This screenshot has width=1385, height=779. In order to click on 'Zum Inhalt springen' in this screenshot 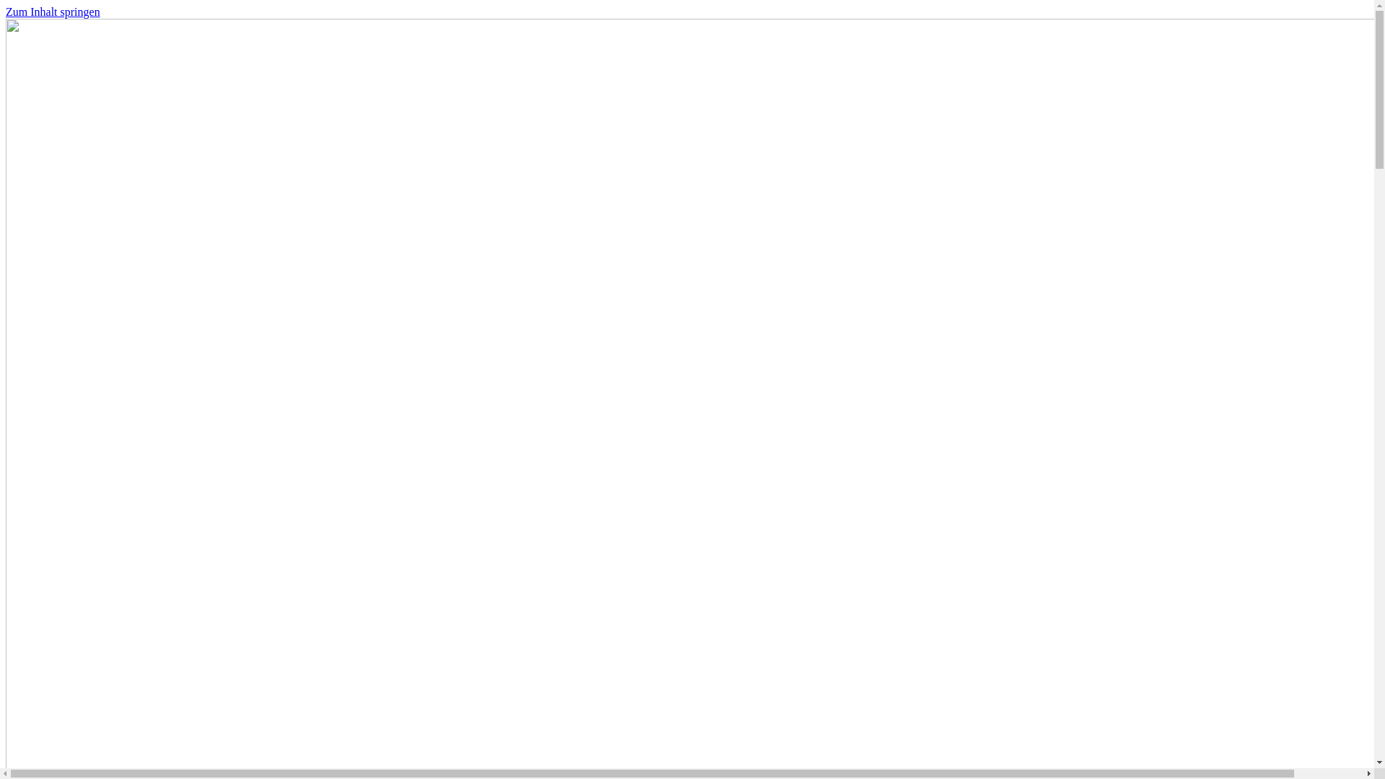, I will do `click(6, 12)`.